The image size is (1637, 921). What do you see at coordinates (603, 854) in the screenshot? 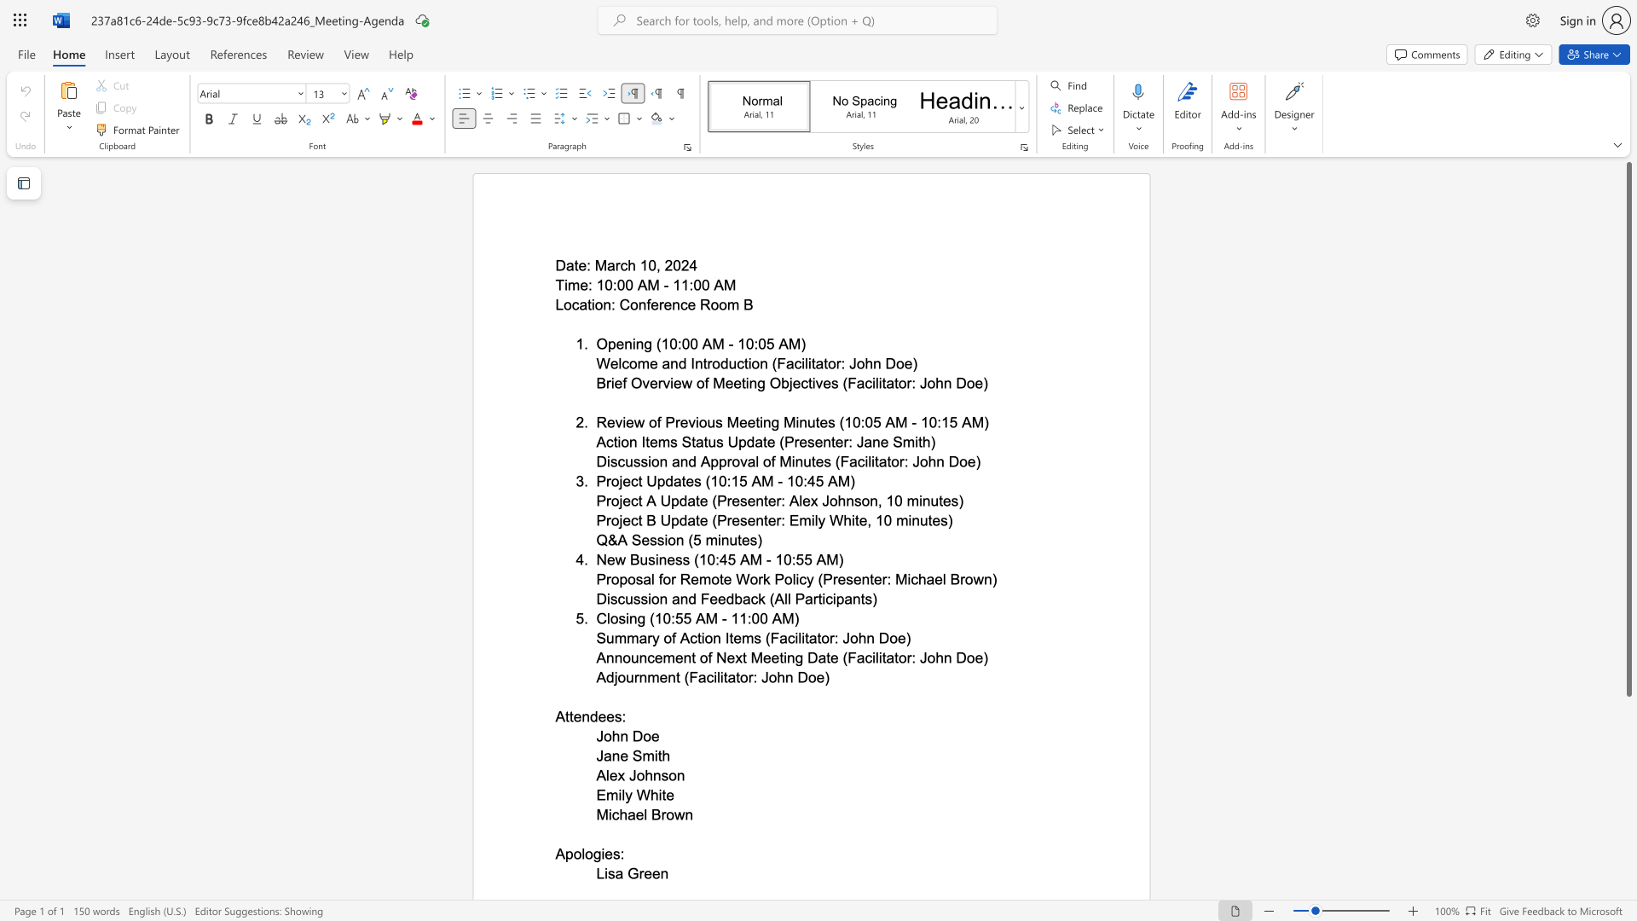
I see `the 1th character "i" in the text` at bounding box center [603, 854].